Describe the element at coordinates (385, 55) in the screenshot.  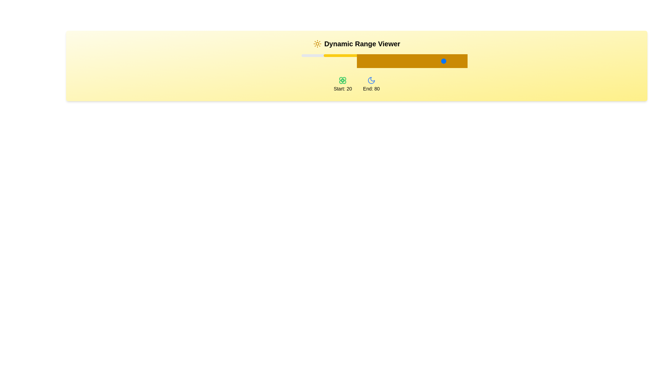
I see `the slider` at that location.